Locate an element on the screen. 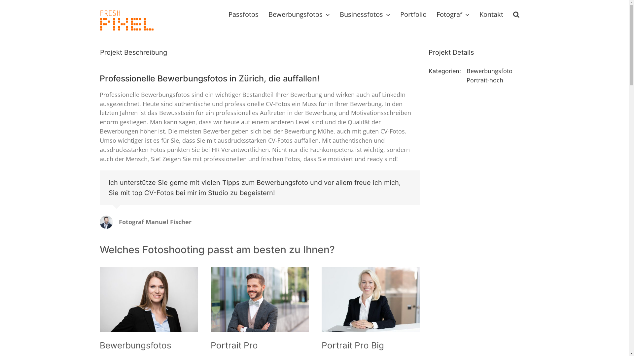 Image resolution: width=634 pixels, height=356 pixels. 'Businessfotos' is located at coordinates (364, 14).